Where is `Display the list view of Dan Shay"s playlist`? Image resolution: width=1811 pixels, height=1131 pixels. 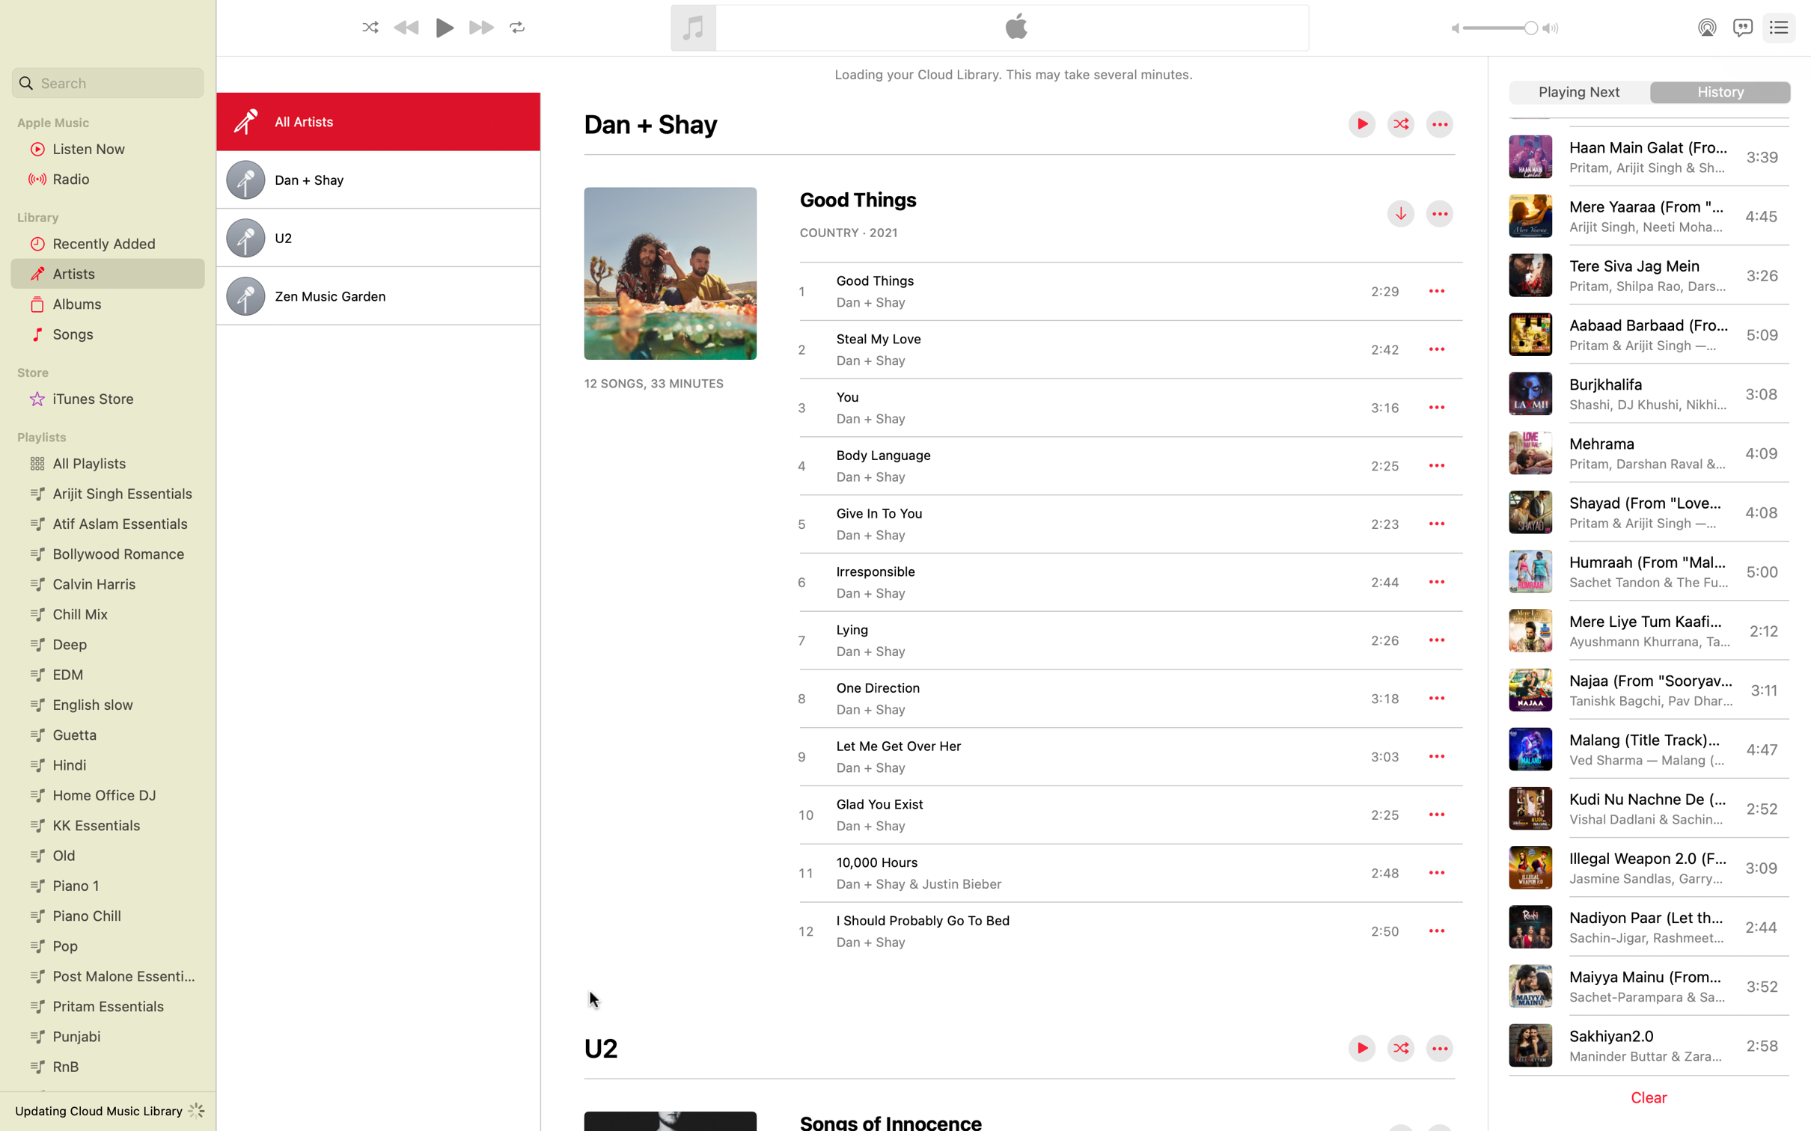 Display the list view of Dan Shay"s playlist is located at coordinates (377, 180).